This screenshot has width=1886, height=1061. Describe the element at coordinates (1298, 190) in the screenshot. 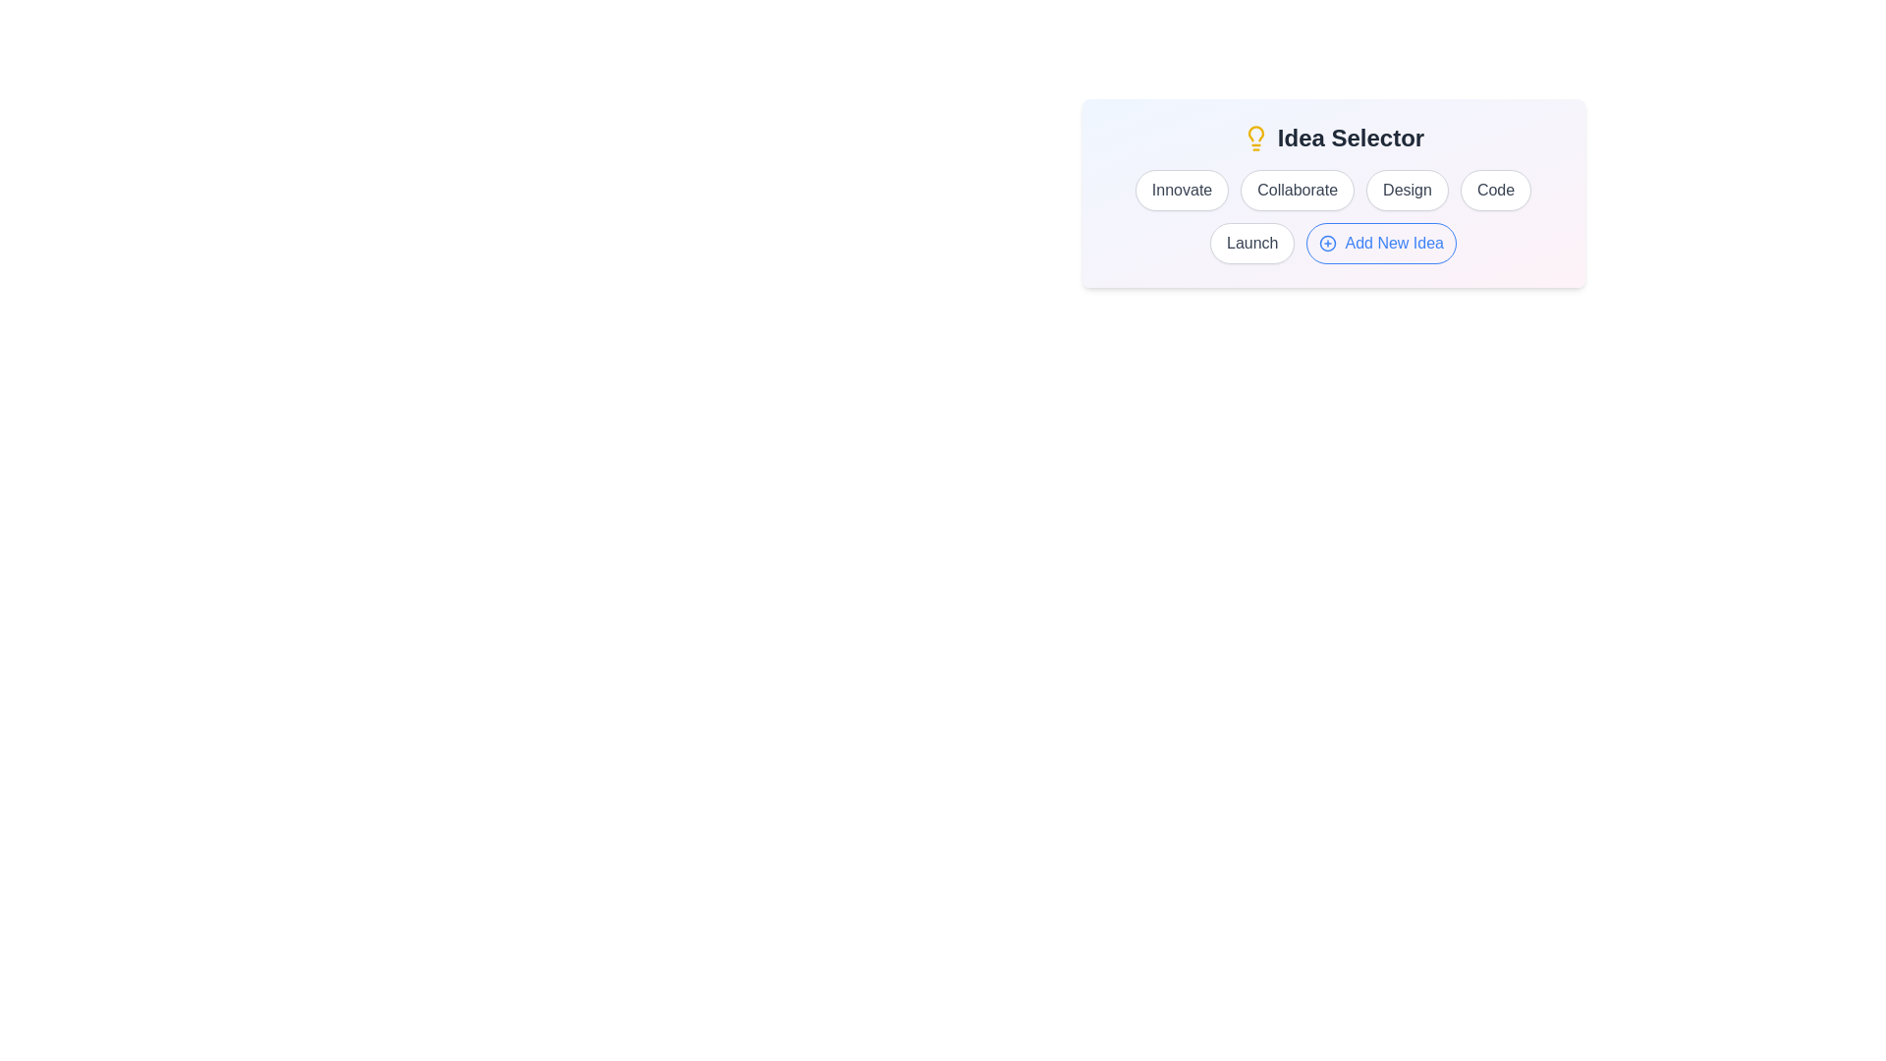

I see `the Collaborate button to observe its hover effect` at that location.